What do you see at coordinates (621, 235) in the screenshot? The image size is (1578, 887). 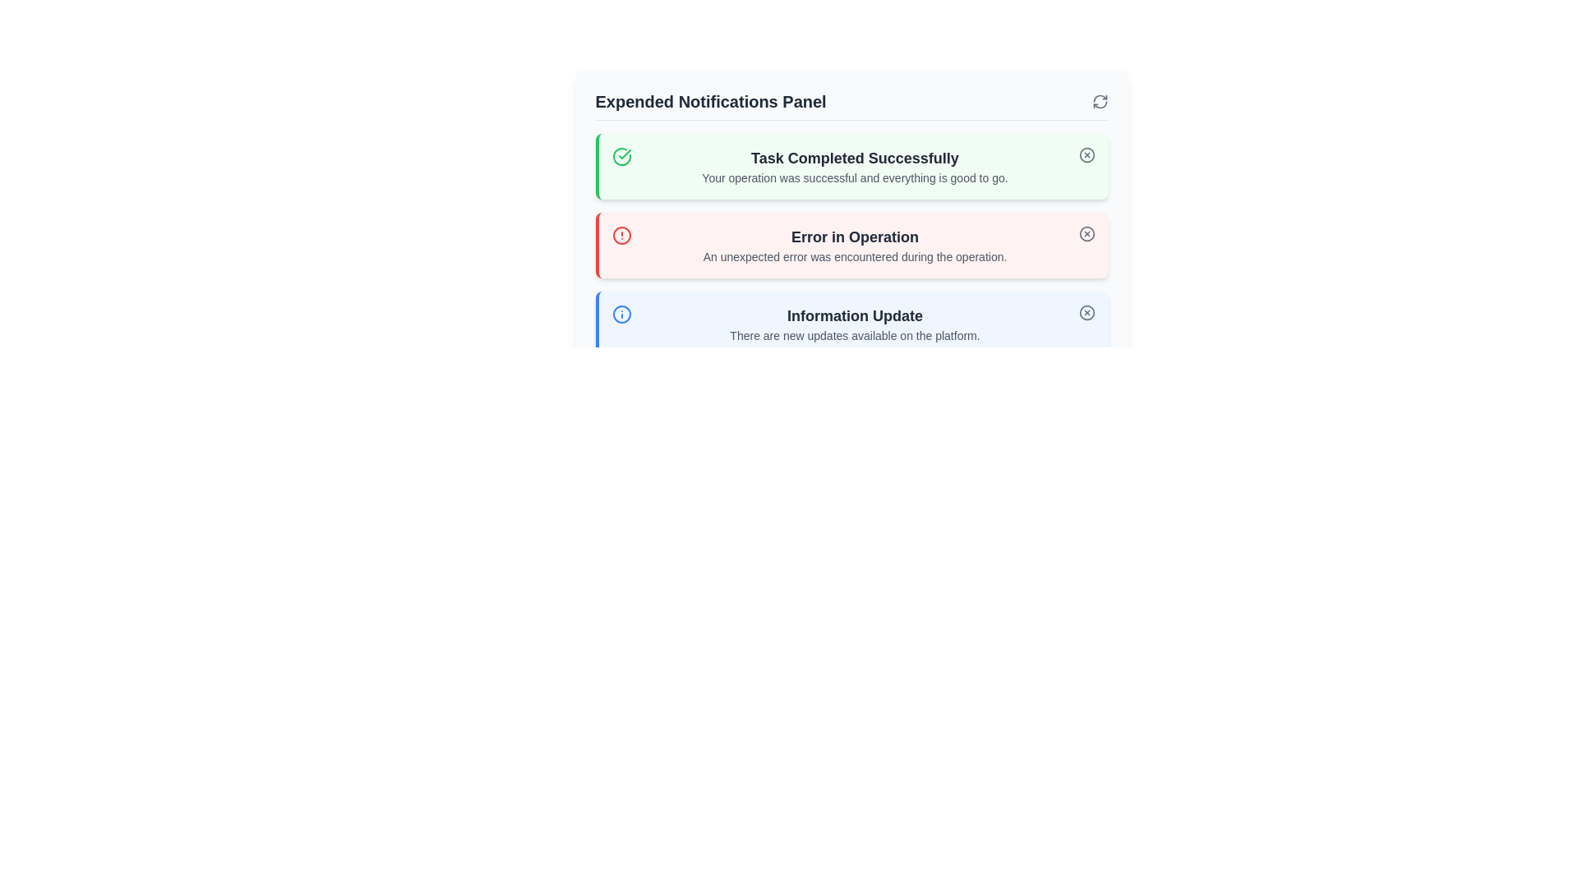 I see `the visual alert icon indicating an error or warning state, located in the left part of the red-bordered notification box labeled 'Error in Operation'` at bounding box center [621, 235].